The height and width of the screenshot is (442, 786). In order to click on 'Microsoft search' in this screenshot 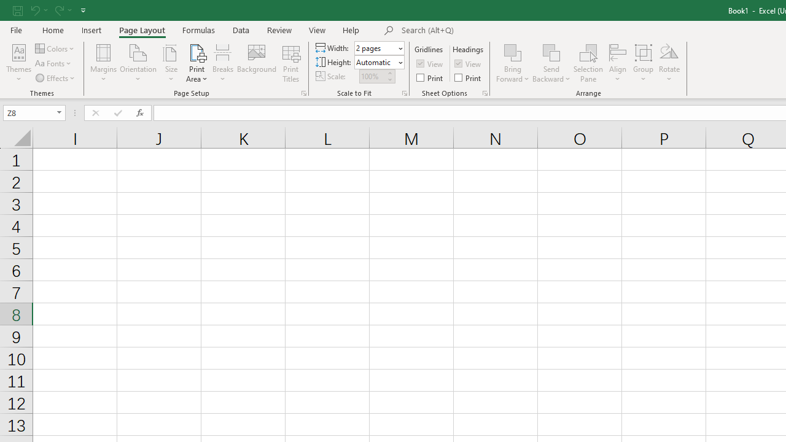, I will do `click(486, 30)`.